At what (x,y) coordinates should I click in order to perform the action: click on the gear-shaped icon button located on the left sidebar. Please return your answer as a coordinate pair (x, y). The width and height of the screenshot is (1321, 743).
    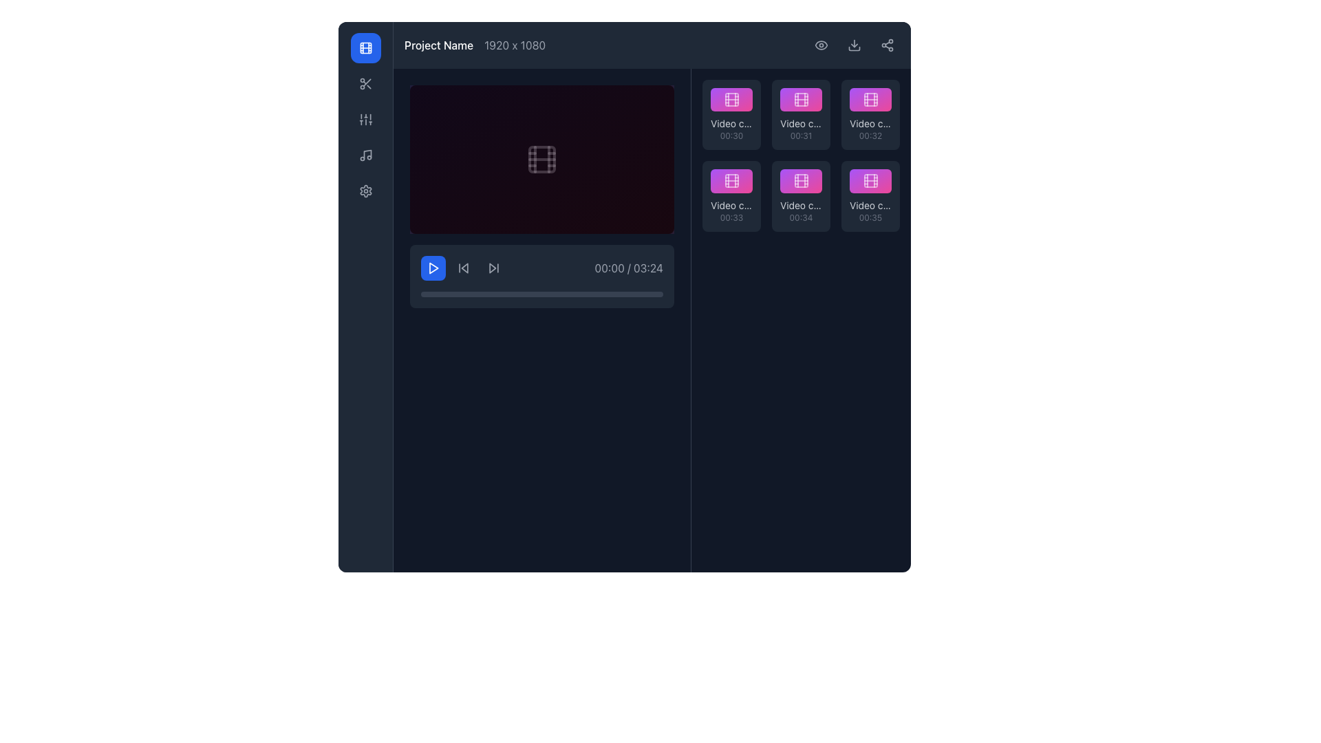
    Looking at the image, I should click on (365, 191).